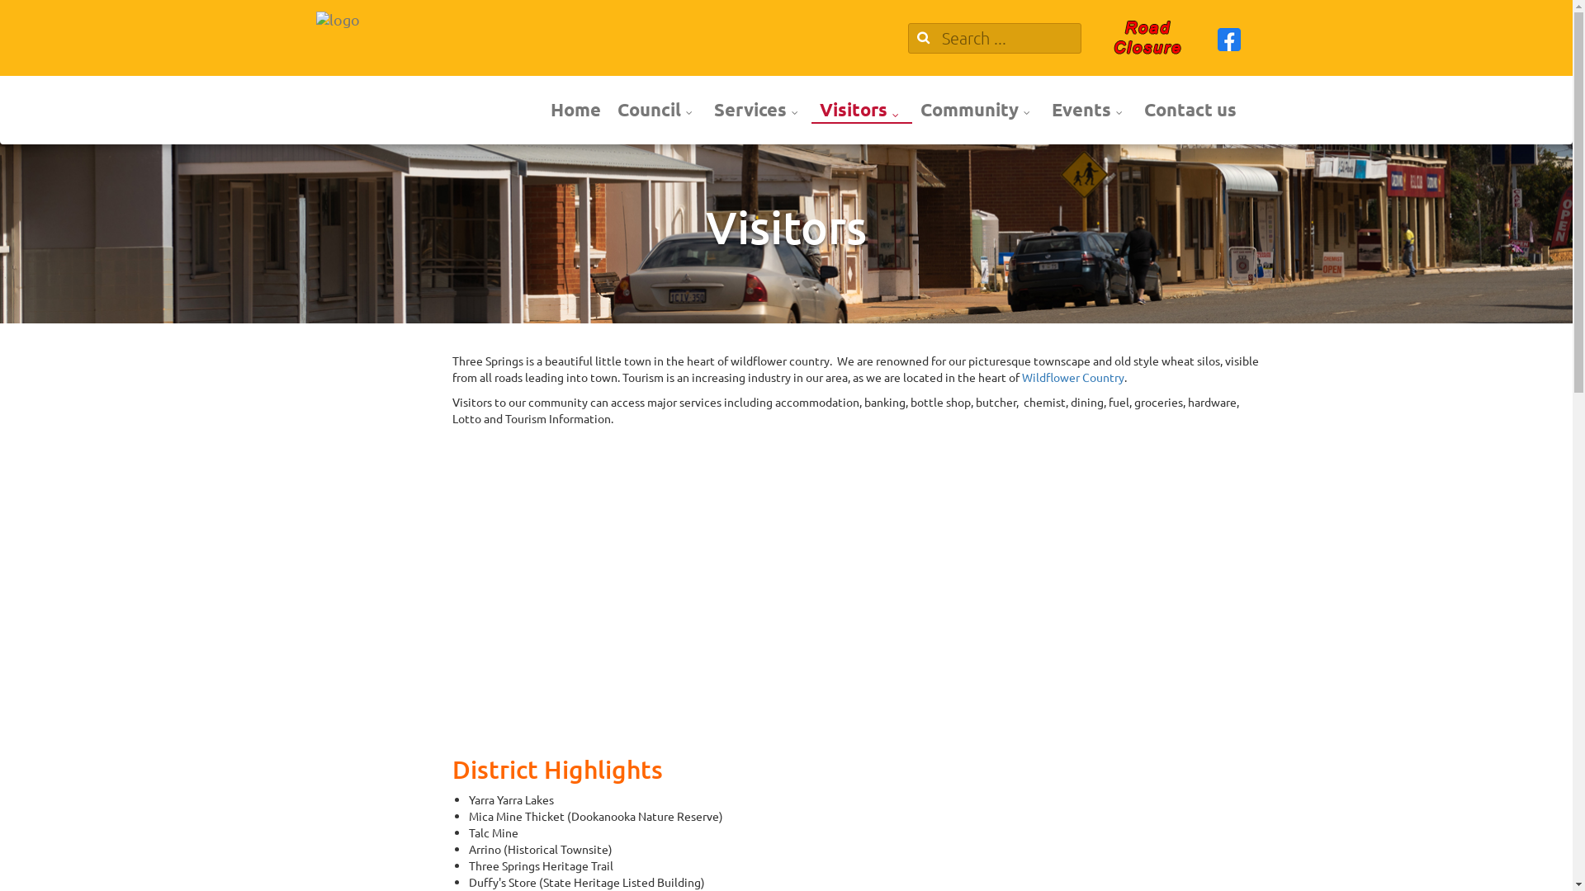 Image resolution: width=1585 pixels, height=891 pixels. What do you see at coordinates (1073, 376) in the screenshot?
I see `'Wildflower Country'` at bounding box center [1073, 376].